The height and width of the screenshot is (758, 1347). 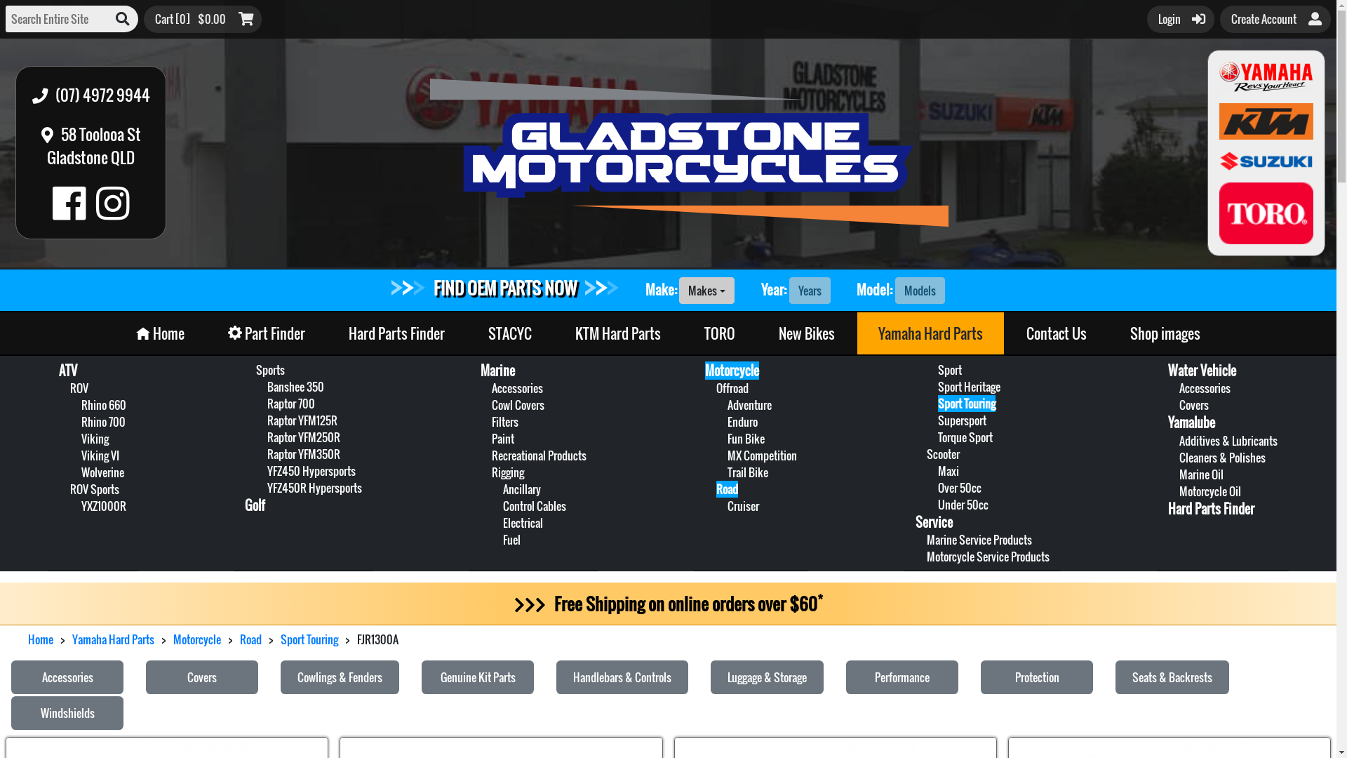 I want to click on 'Contact Us', so click(x=1057, y=333).